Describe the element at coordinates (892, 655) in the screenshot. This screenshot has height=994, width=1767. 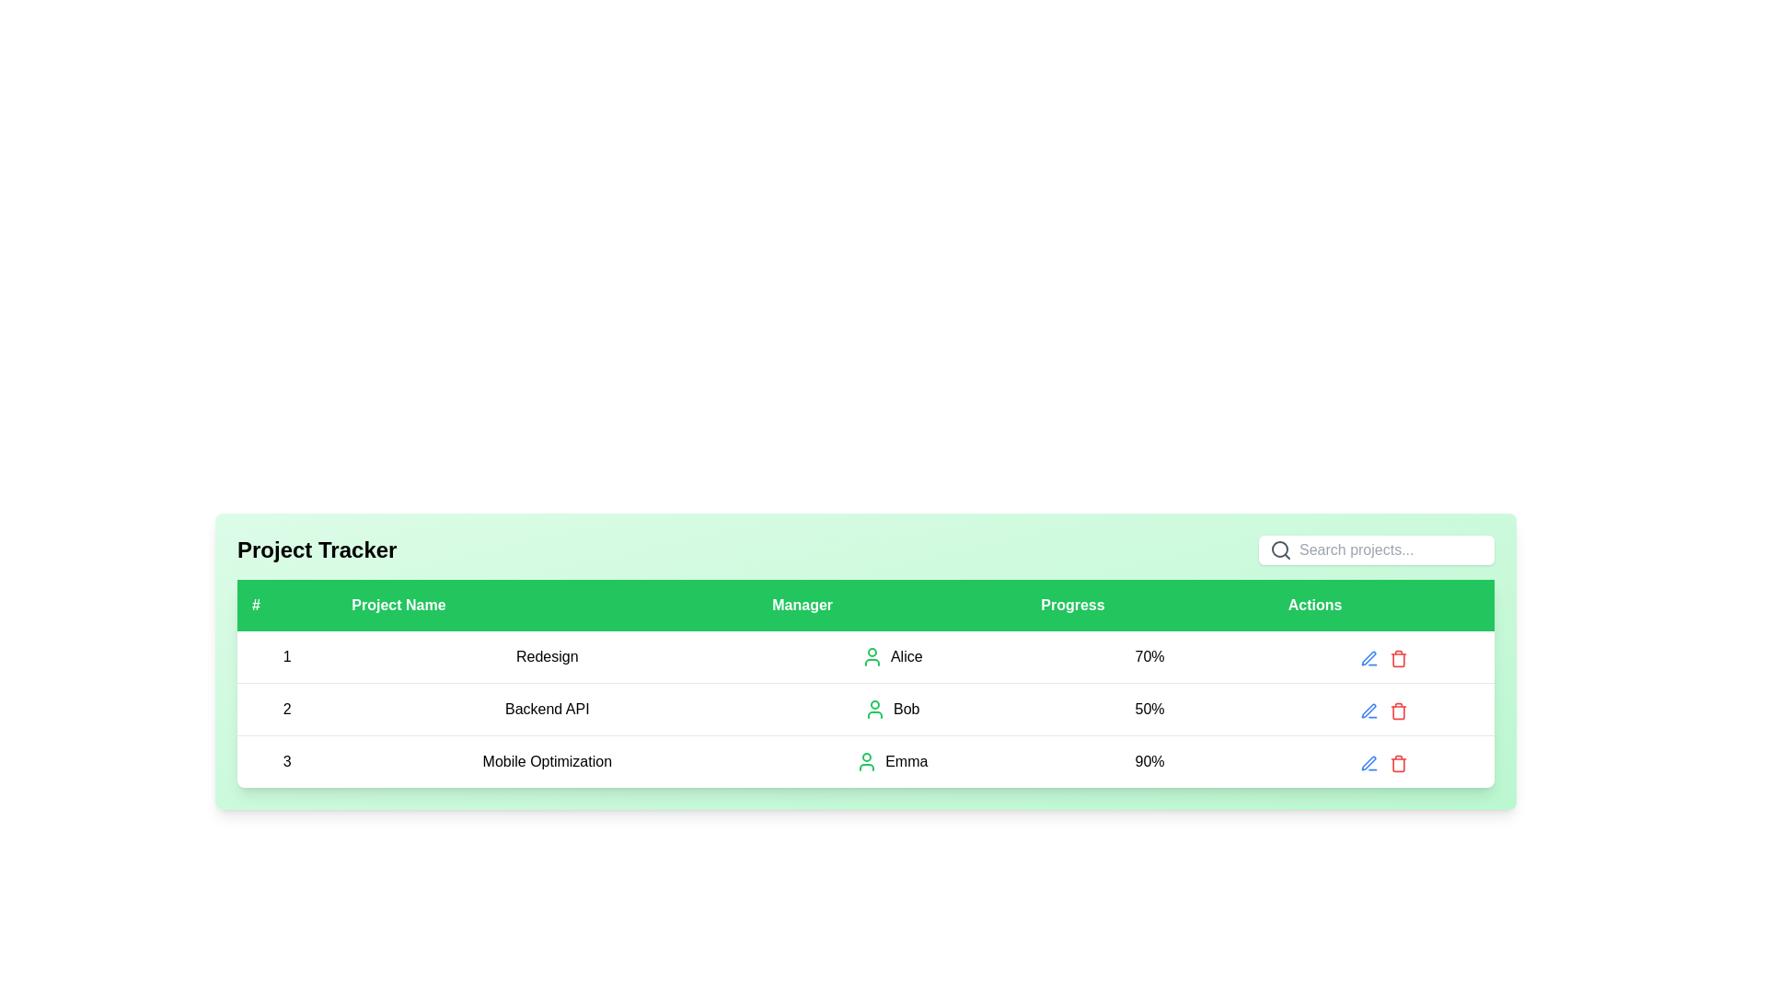
I see `the 'Alice' text label or the user icon in the third column of the second row under the 'Manager' column corresponding to the row labeled 'Redesign'` at that location.